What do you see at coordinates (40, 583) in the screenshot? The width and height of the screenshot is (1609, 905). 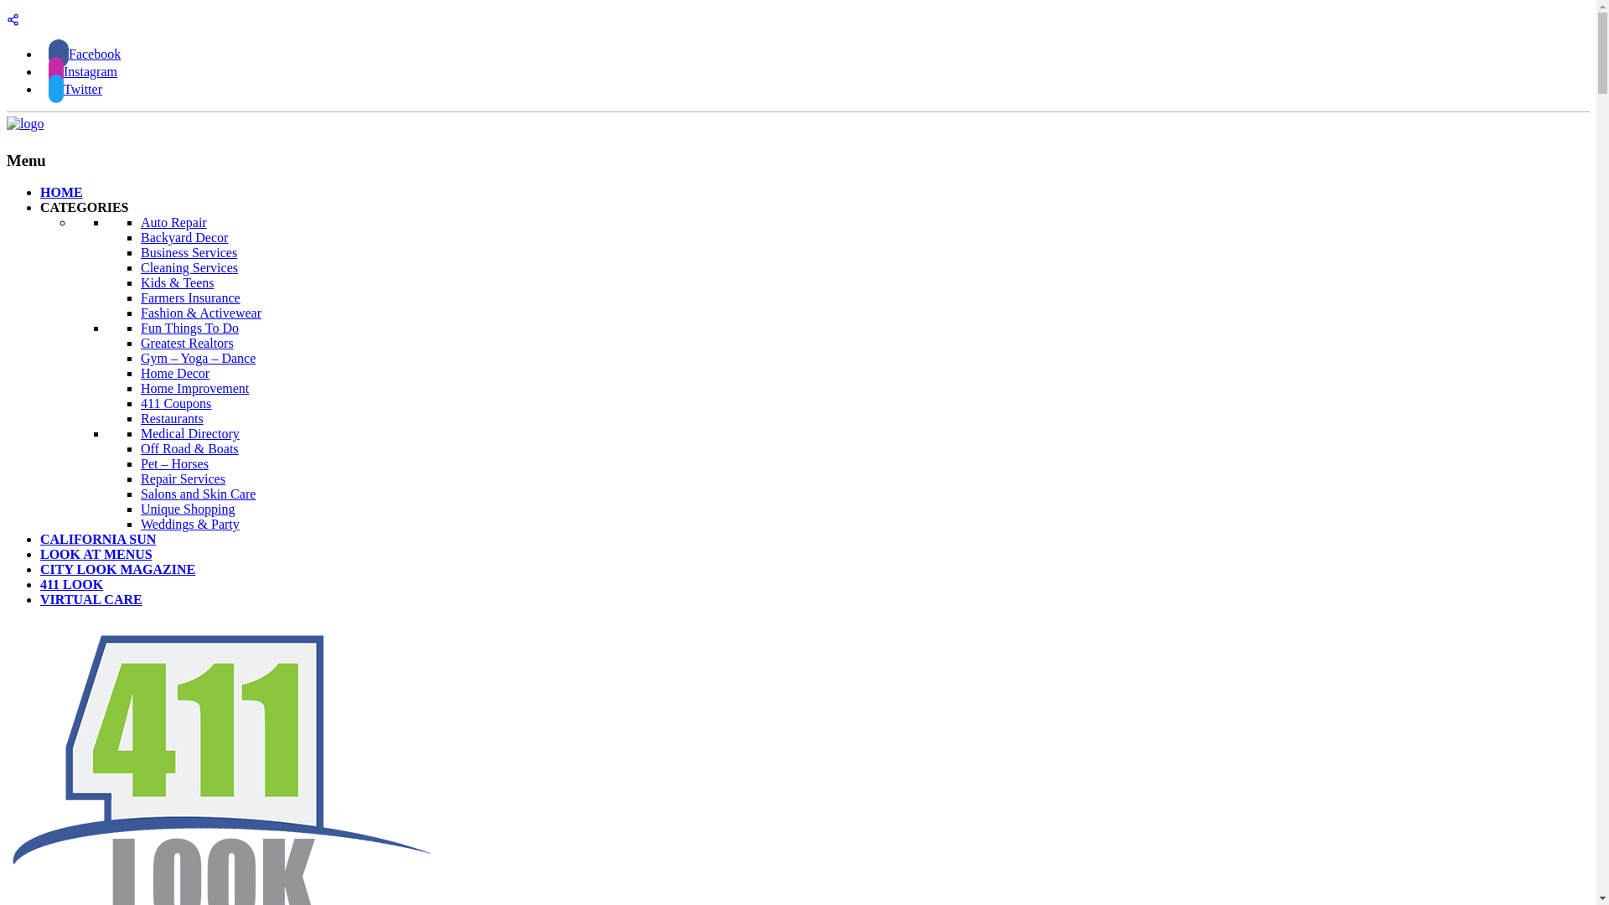 I see `'411 LOOK'` at bounding box center [40, 583].